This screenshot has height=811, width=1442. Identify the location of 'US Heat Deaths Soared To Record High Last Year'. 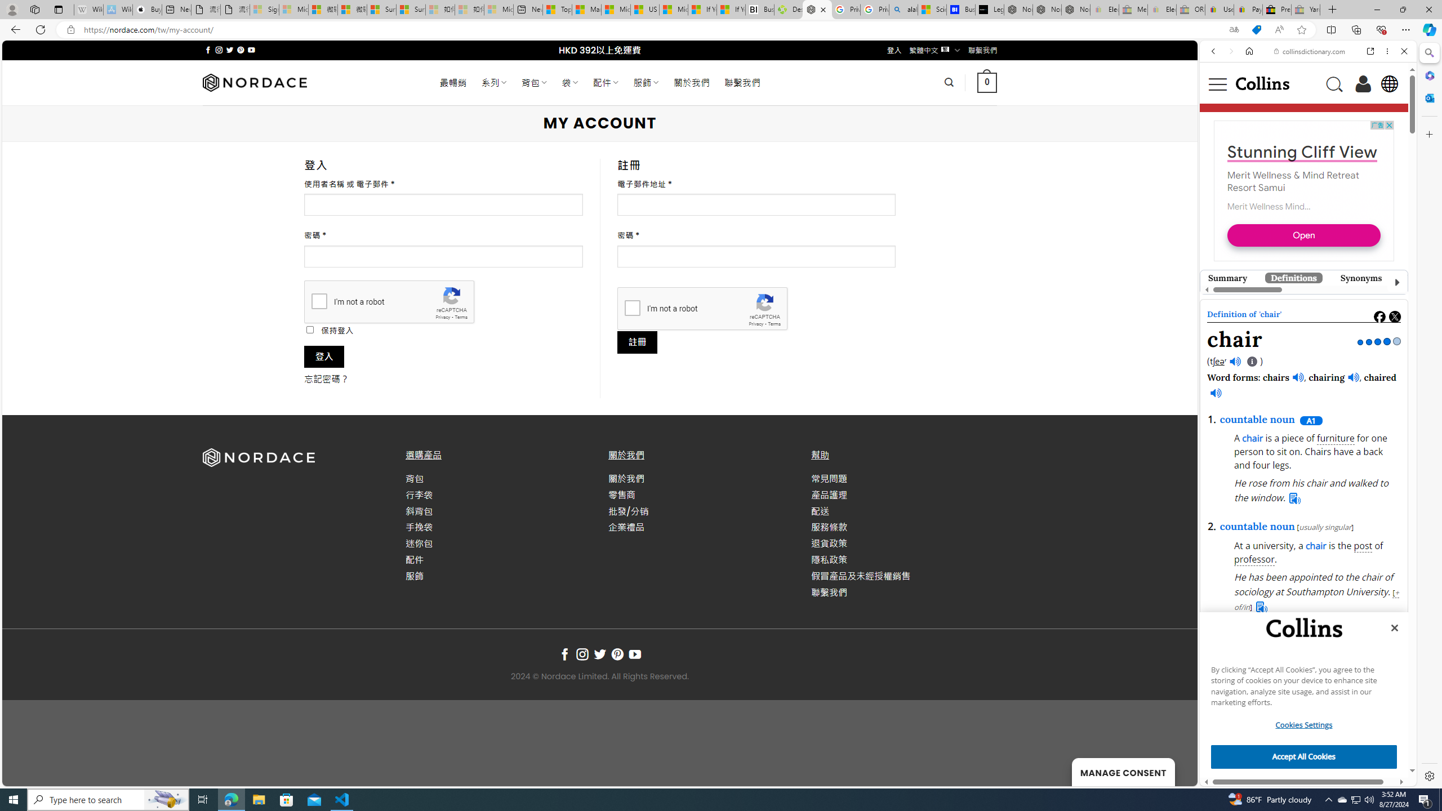
(645, 9).